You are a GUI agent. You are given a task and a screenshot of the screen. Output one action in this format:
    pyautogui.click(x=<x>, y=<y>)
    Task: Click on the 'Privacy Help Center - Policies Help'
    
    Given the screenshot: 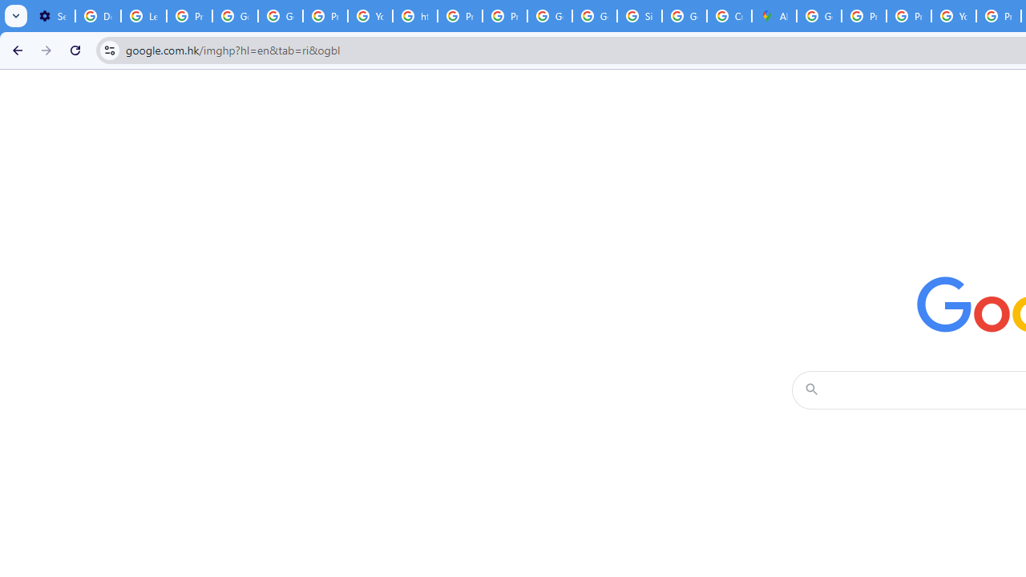 What is the action you would take?
    pyautogui.click(x=862, y=16)
    